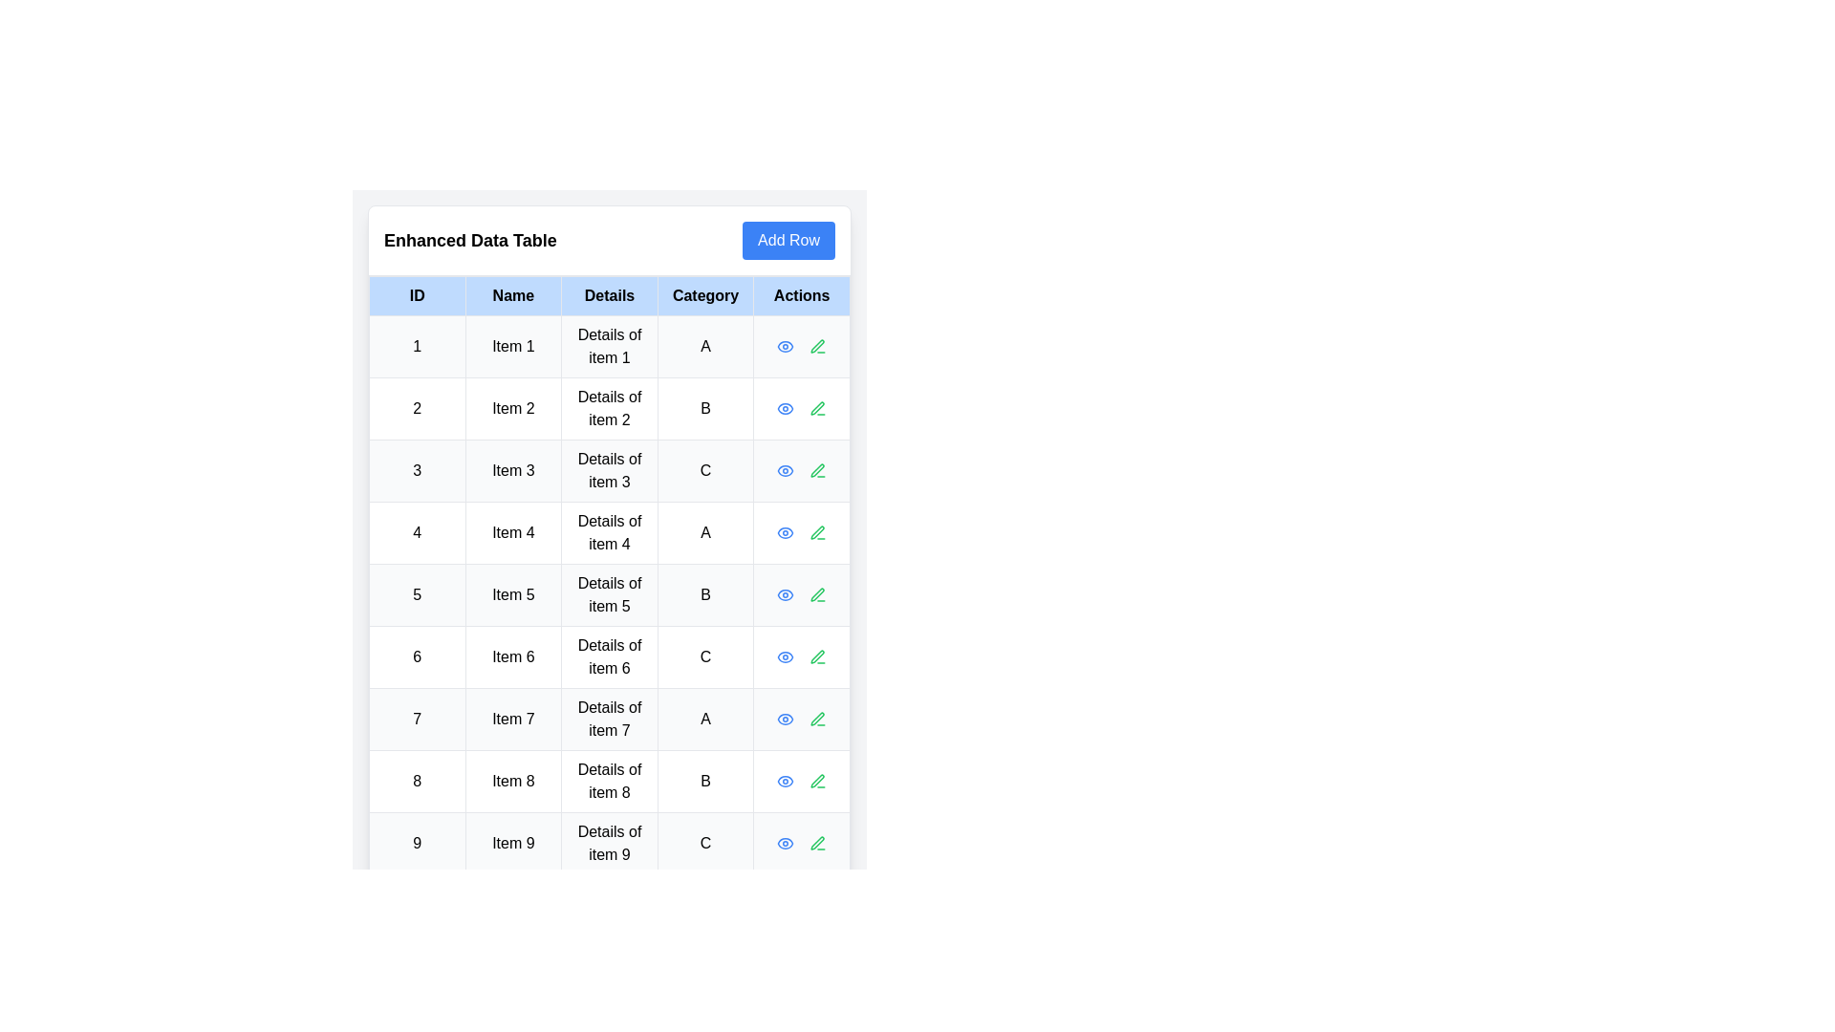  Describe the element at coordinates (817, 719) in the screenshot. I see `the edit icon located in the 'Actions' column of the table row for 'Item 7'` at that location.